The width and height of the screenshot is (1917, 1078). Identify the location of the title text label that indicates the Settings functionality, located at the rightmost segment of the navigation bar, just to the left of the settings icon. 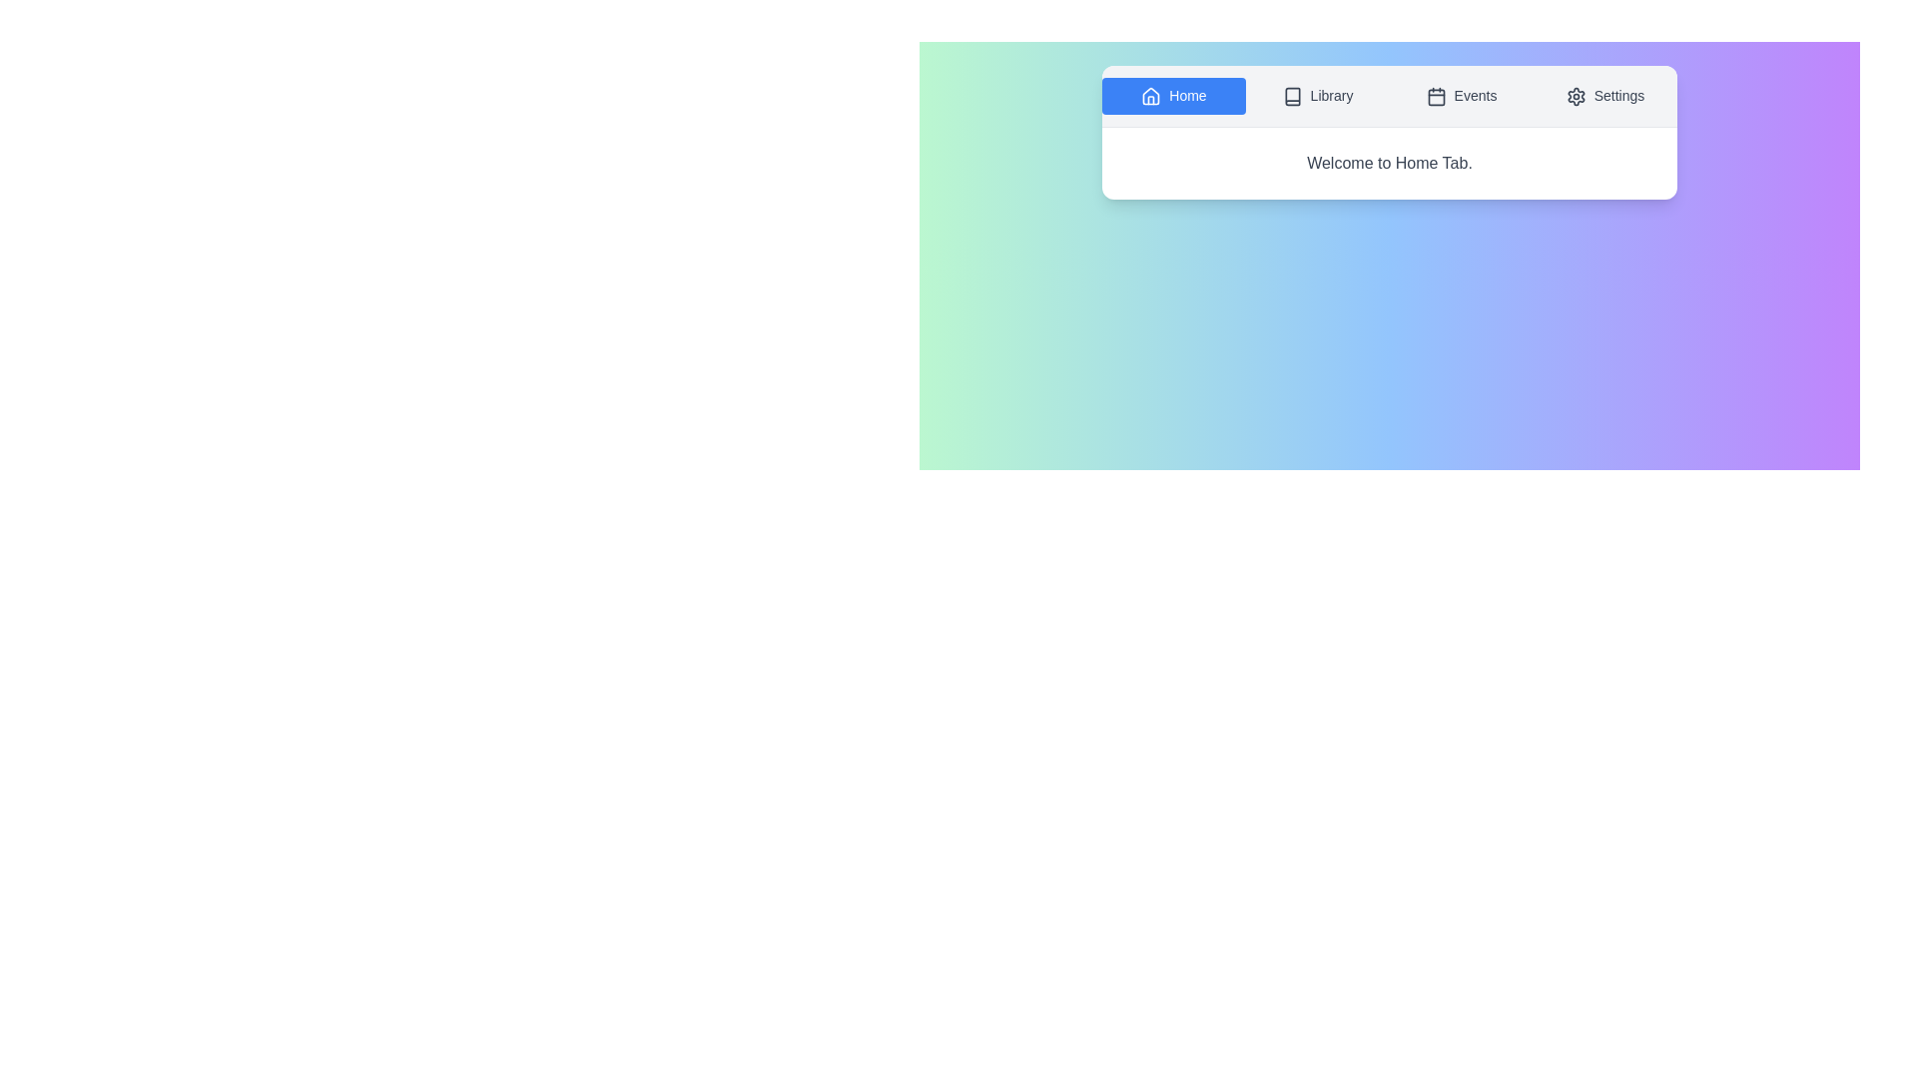
(1619, 96).